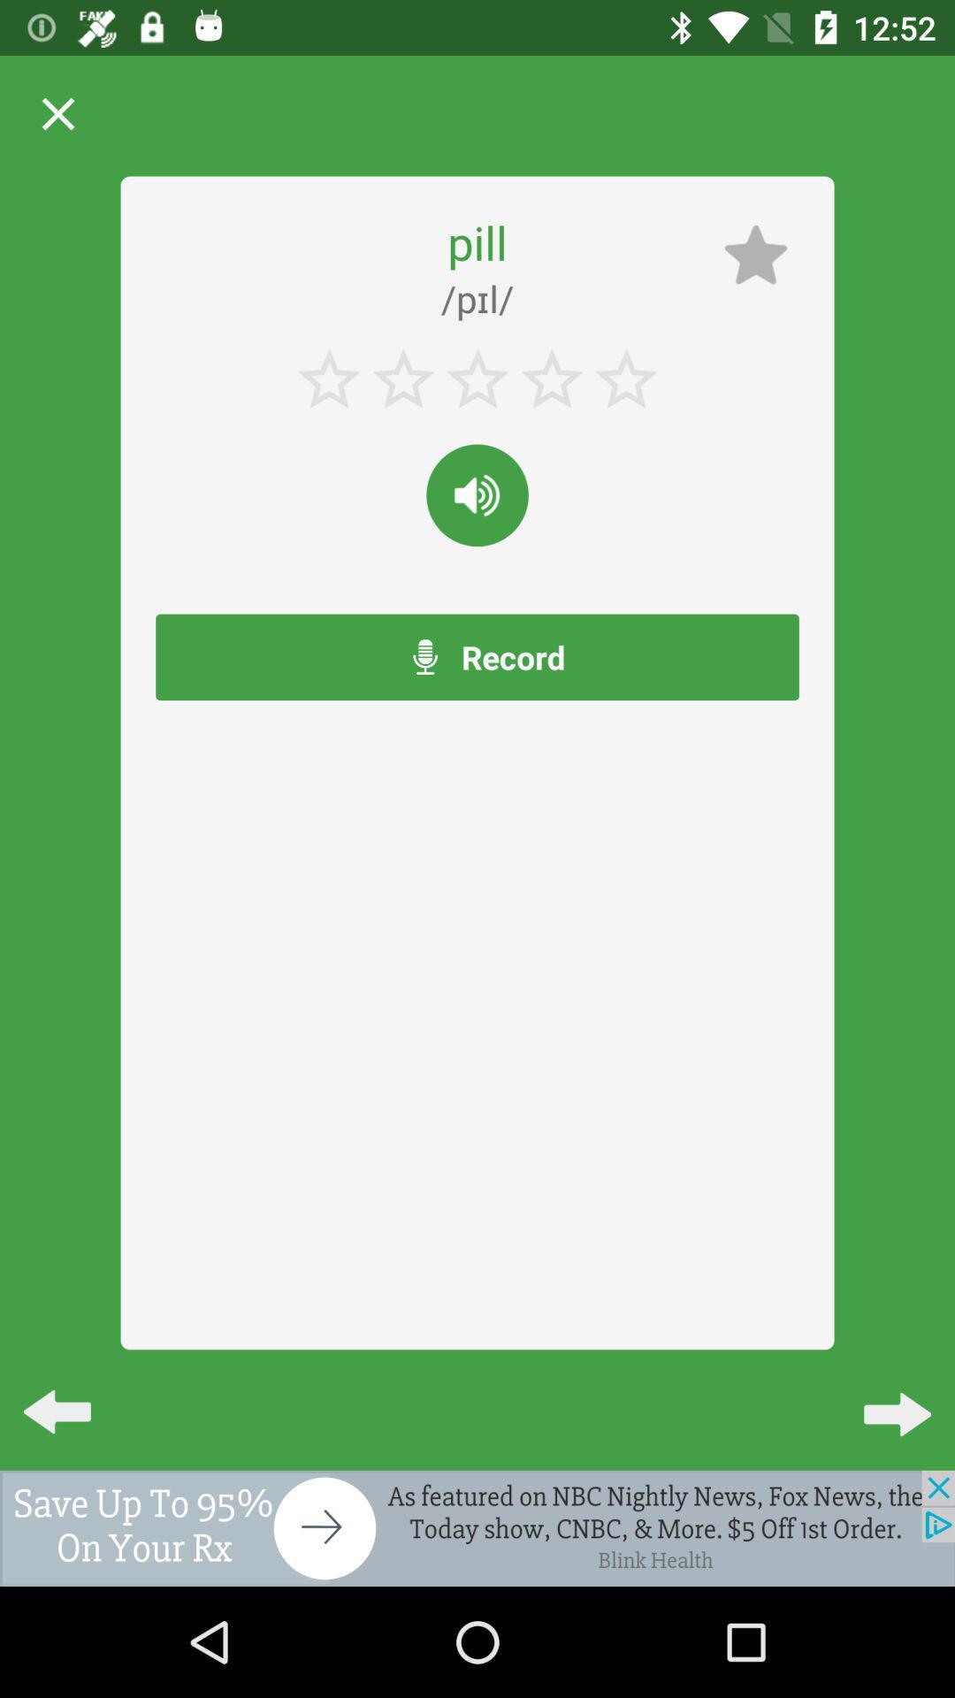 Image resolution: width=955 pixels, height=1698 pixels. Describe the element at coordinates (477, 1527) in the screenshot. I see `click advertisement to go to the website` at that location.